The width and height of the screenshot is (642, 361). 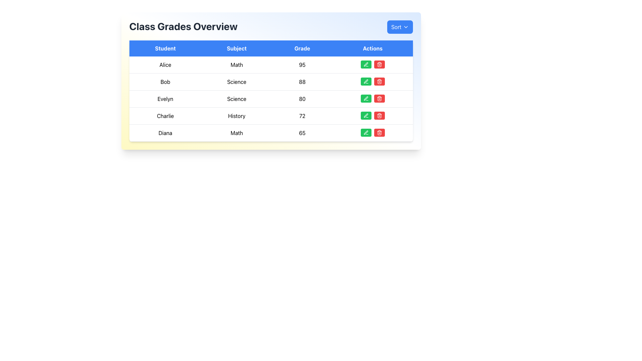 I want to click on the Text label displaying the grade value '65' for the 'Diana' entry in the 'Grade' column of the table, so click(x=302, y=133).